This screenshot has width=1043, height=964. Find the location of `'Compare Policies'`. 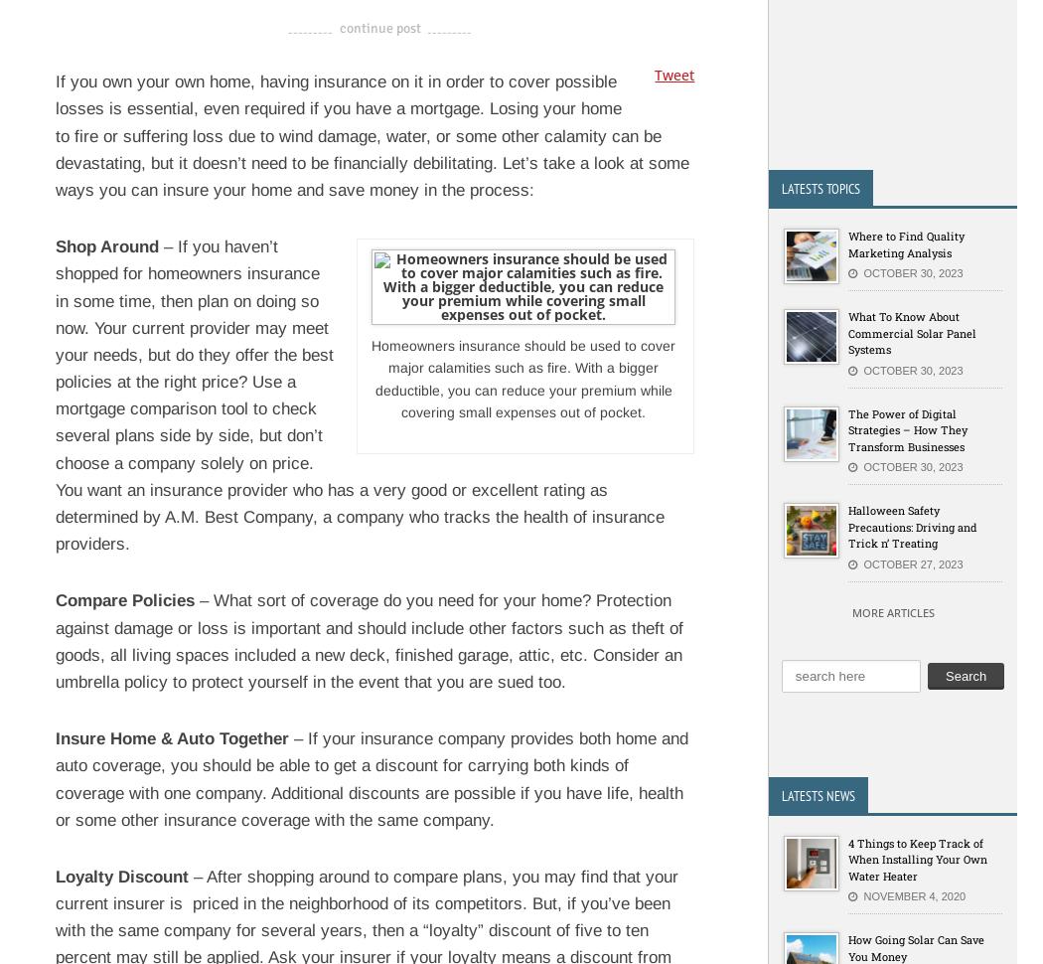

'Compare Policies' is located at coordinates (124, 600).